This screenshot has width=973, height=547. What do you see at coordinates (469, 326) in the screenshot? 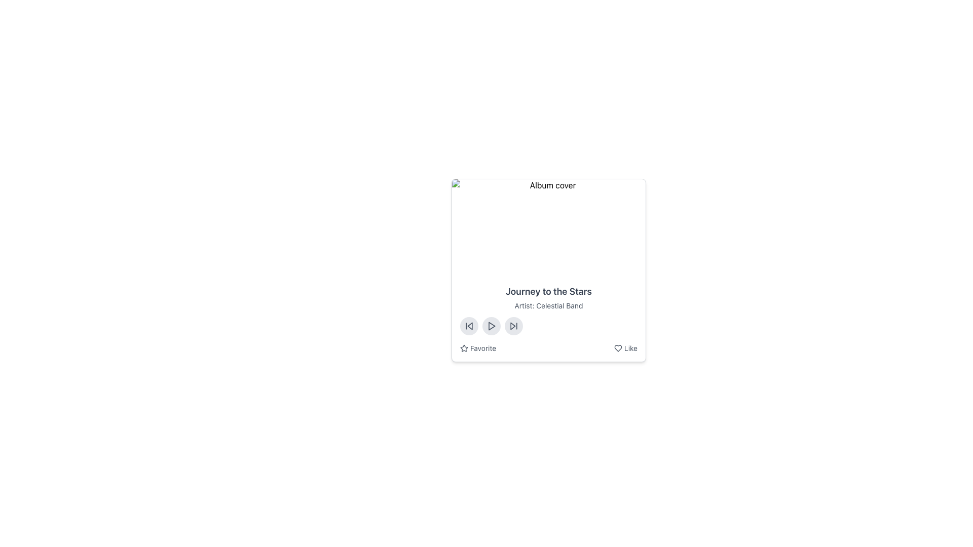
I see `the 'Skip Backward' button represented by the graphical element within the SVG located in the audio control section at the bottom left corner of the interface` at bounding box center [469, 326].